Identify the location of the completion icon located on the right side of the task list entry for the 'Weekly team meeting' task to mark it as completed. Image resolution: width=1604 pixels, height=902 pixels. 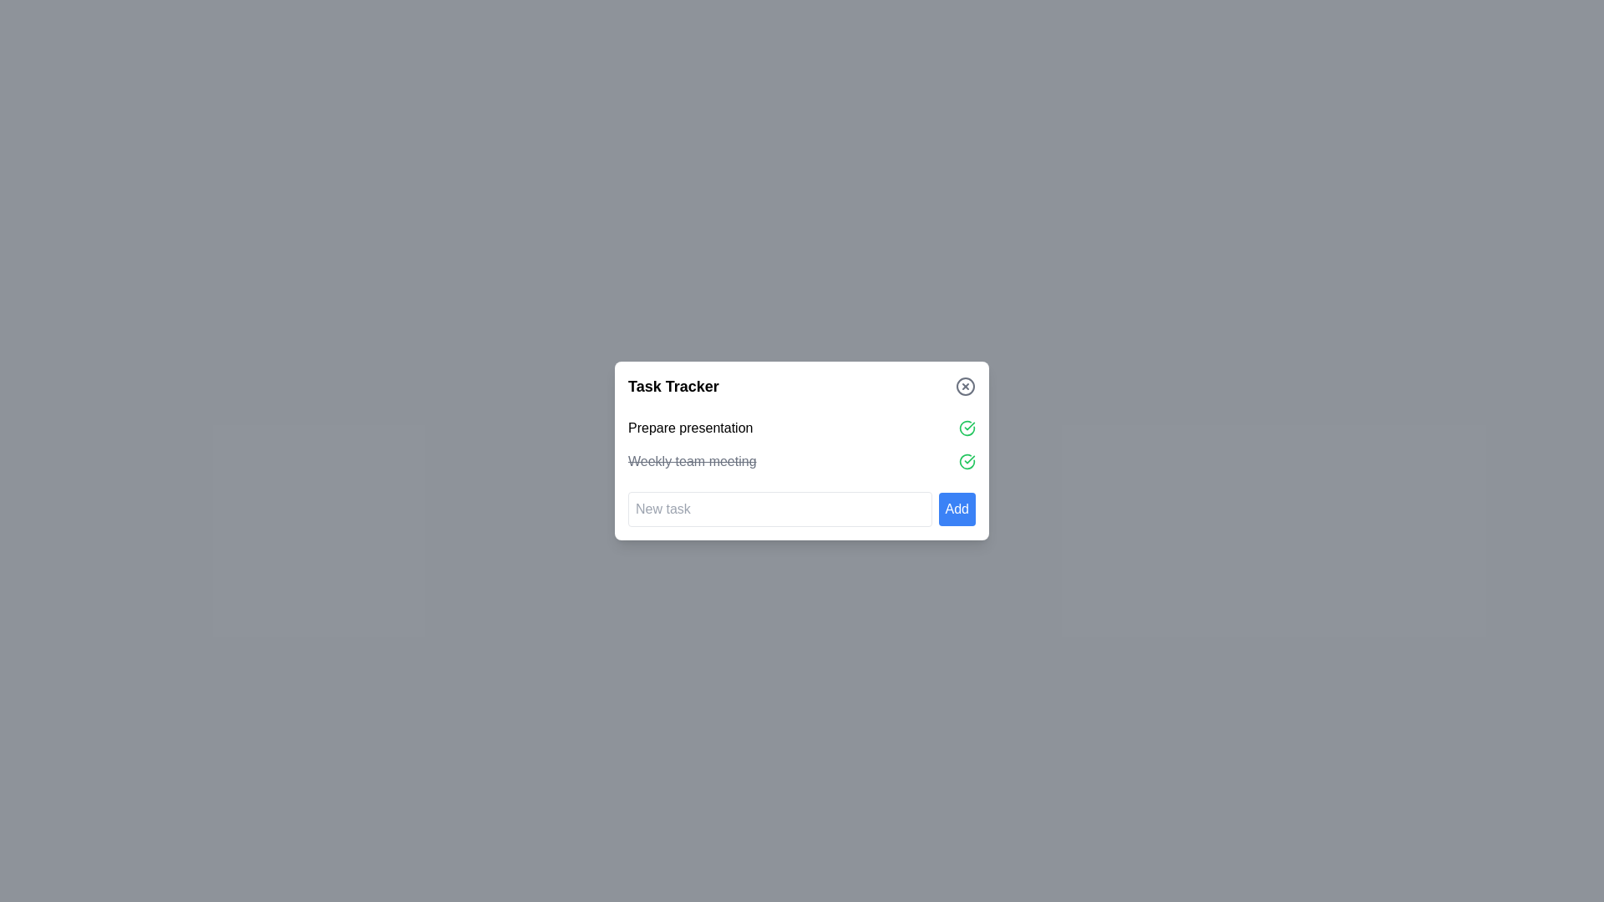
(967, 428).